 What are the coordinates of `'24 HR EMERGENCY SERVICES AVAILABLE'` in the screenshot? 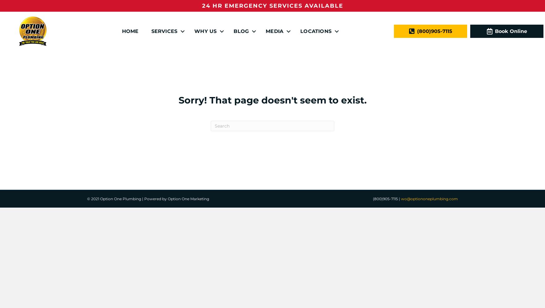 It's located at (272, 6).